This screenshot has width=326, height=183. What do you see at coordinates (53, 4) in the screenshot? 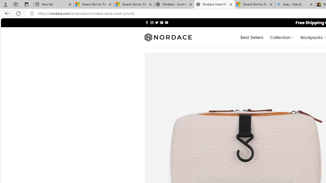
I see `'New tab'` at bounding box center [53, 4].